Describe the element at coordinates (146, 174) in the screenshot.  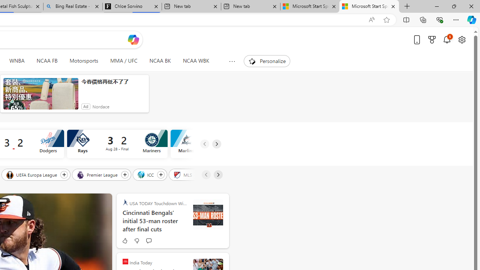
I see `'ICC'` at that location.